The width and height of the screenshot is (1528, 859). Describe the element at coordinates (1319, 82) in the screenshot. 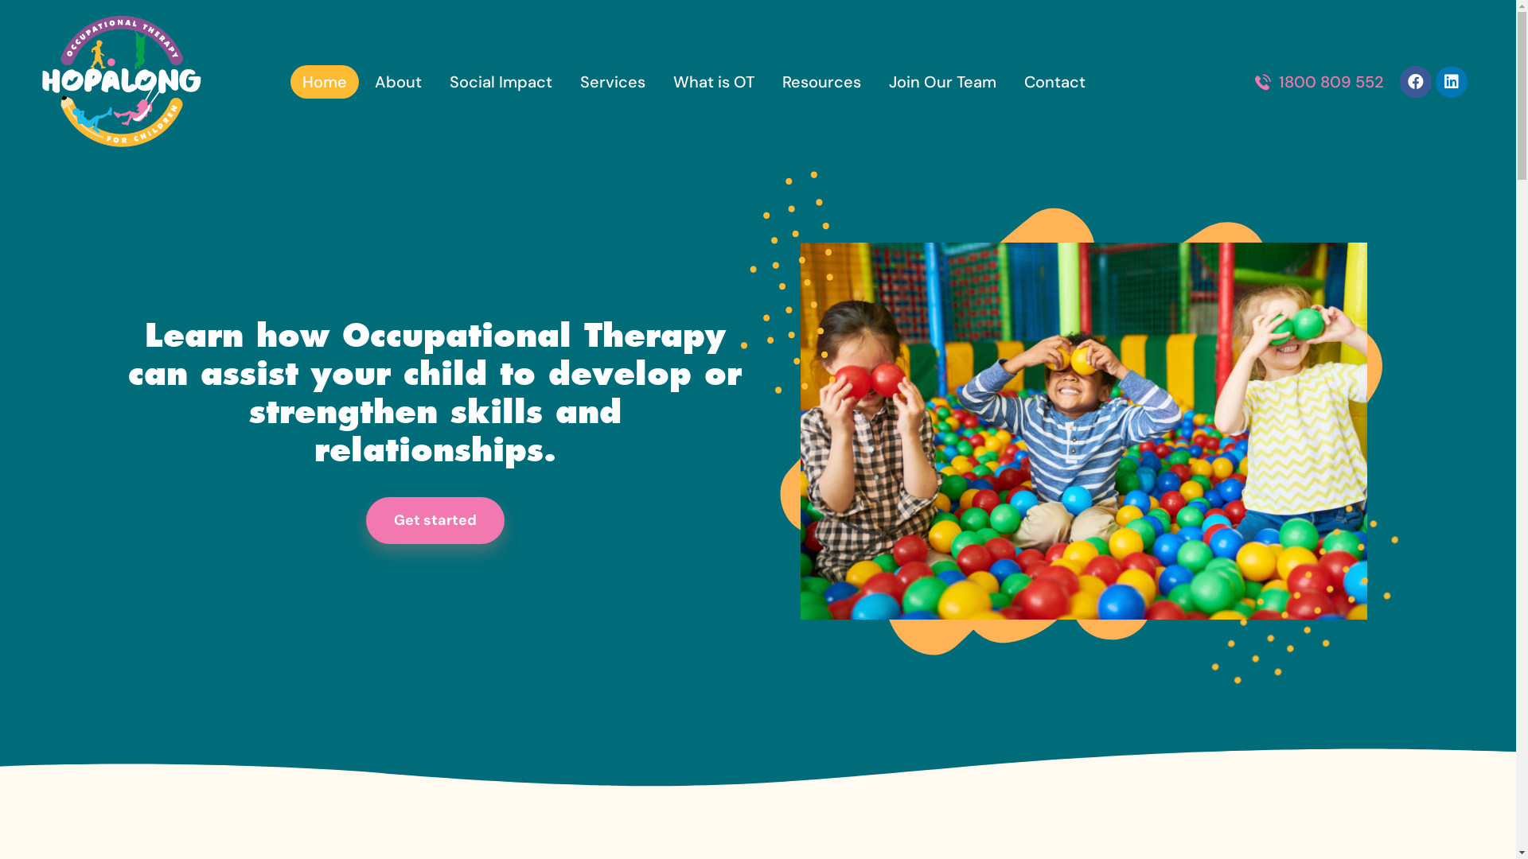

I see `'1800 809 552'` at that location.